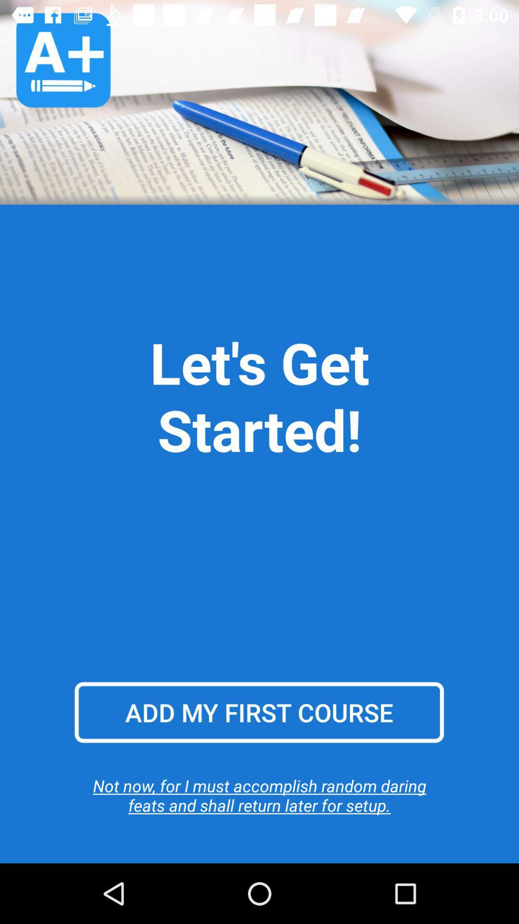 The width and height of the screenshot is (519, 924). What do you see at coordinates (259, 712) in the screenshot?
I see `add my first item` at bounding box center [259, 712].